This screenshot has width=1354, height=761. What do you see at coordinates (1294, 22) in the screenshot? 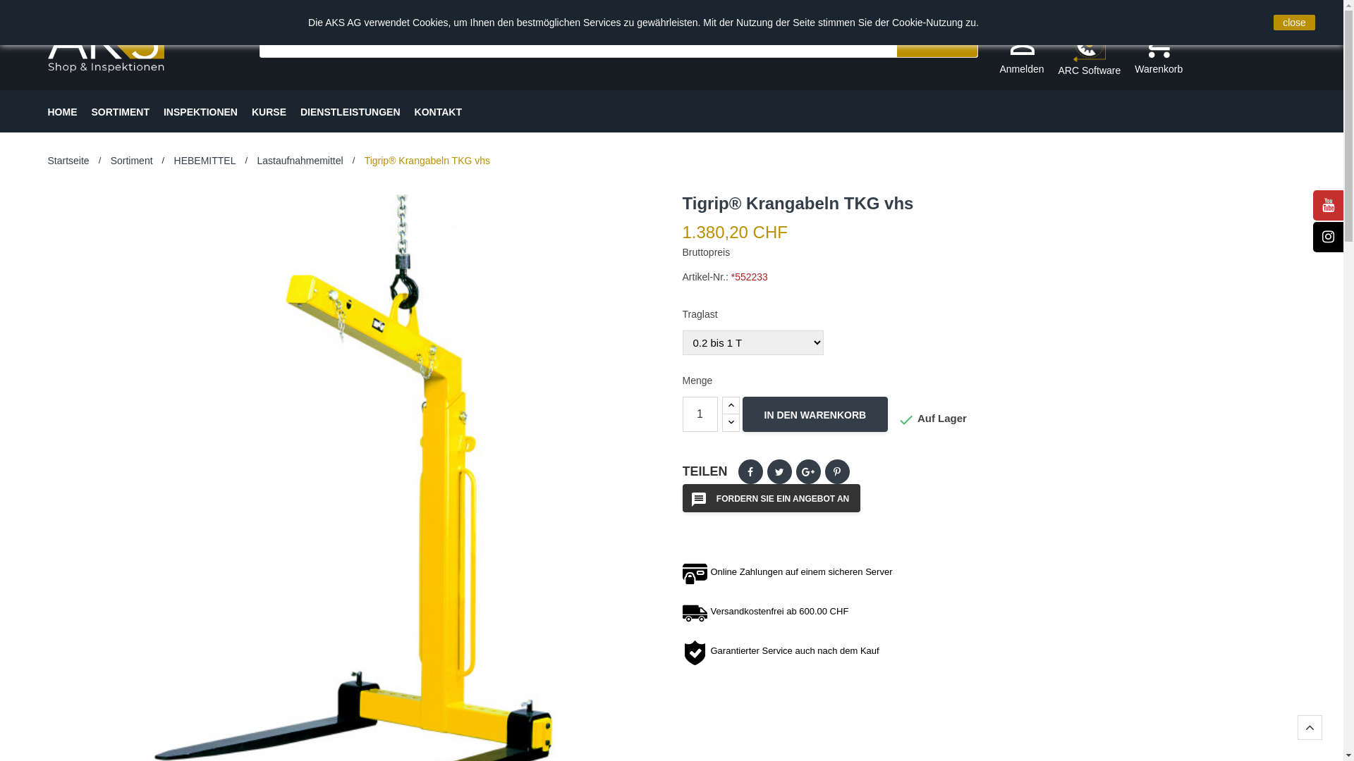
I see `'close'` at bounding box center [1294, 22].